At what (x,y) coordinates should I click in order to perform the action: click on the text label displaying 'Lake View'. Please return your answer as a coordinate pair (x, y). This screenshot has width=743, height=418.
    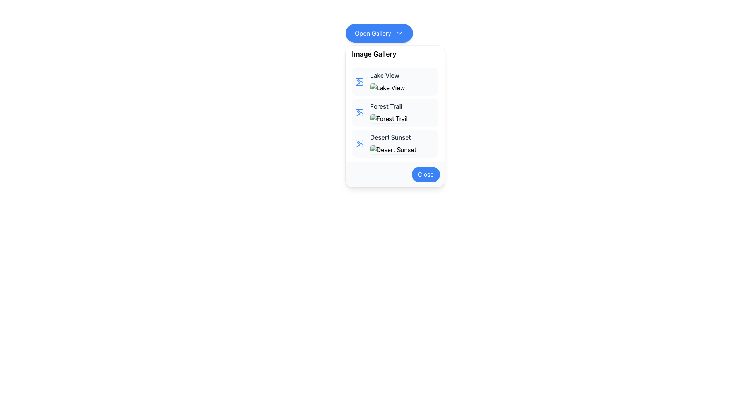
    Looking at the image, I should click on (387, 75).